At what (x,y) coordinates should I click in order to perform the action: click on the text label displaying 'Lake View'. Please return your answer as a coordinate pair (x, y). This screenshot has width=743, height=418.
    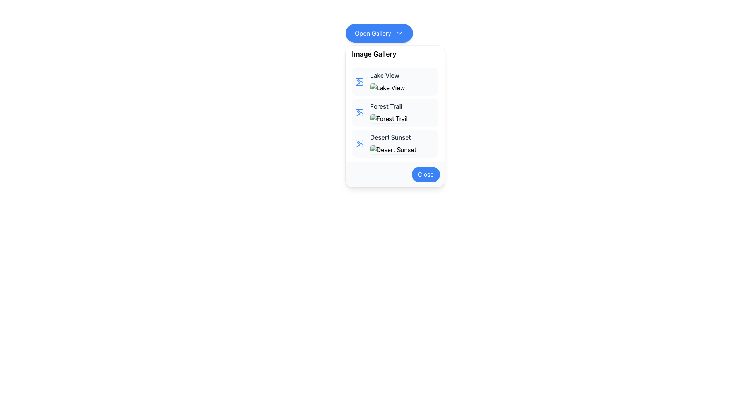
    Looking at the image, I should click on (387, 75).